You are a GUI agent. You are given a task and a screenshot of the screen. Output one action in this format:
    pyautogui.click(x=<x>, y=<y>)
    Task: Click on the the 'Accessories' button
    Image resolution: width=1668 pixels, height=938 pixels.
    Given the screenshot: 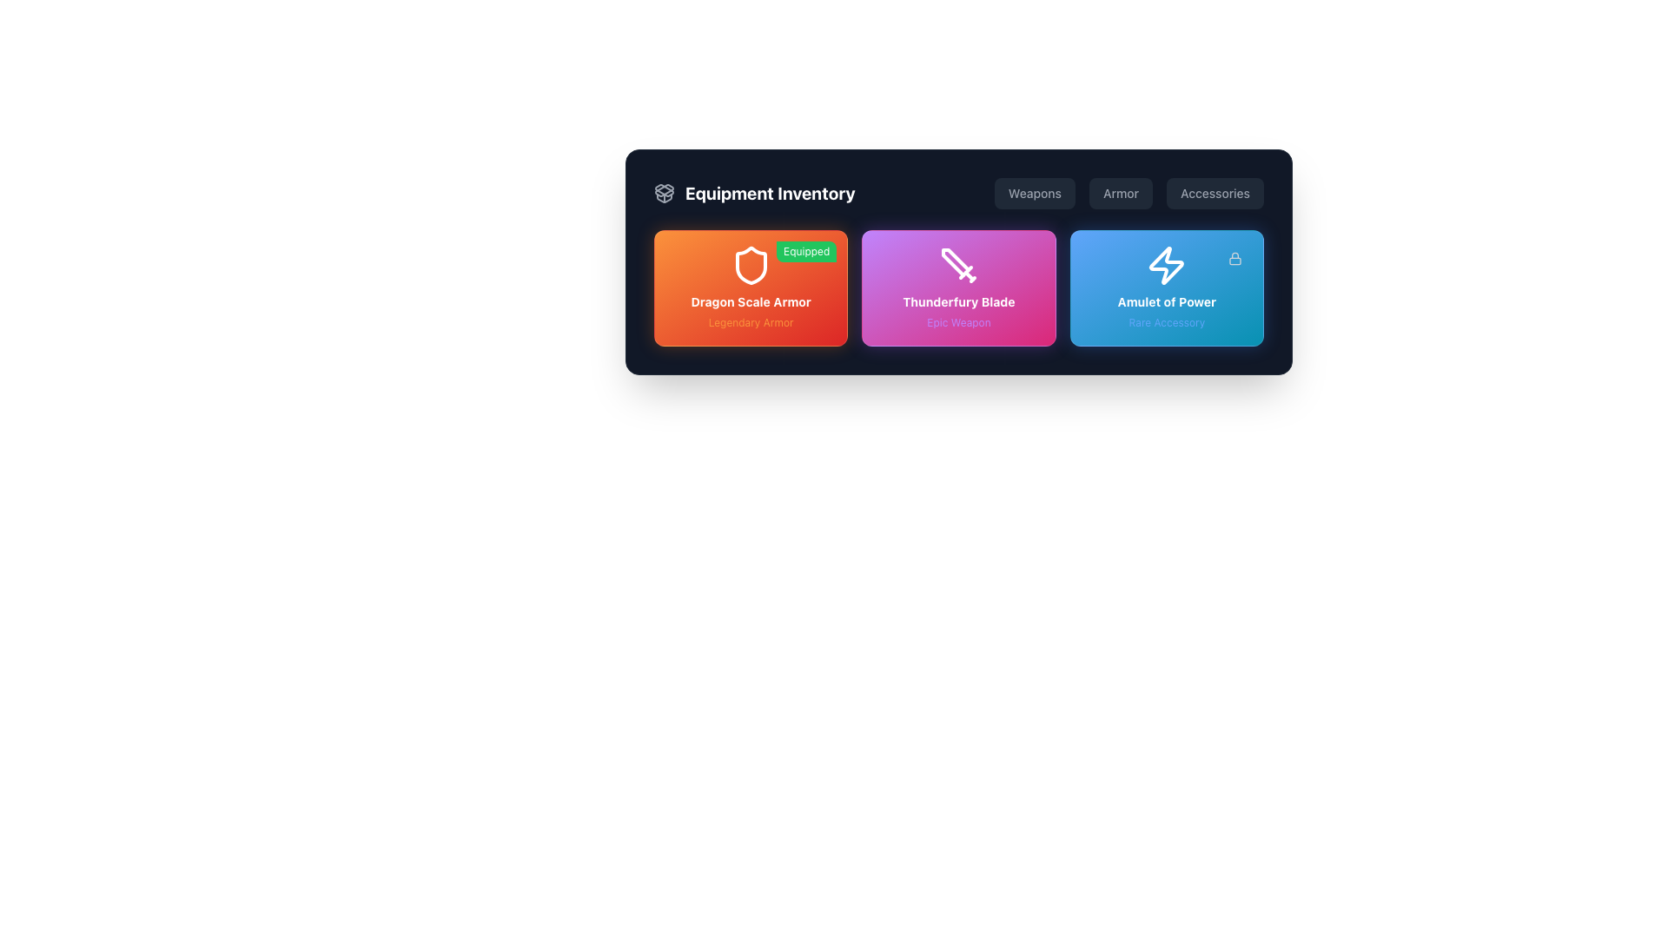 What is the action you would take?
    pyautogui.click(x=1215, y=194)
    